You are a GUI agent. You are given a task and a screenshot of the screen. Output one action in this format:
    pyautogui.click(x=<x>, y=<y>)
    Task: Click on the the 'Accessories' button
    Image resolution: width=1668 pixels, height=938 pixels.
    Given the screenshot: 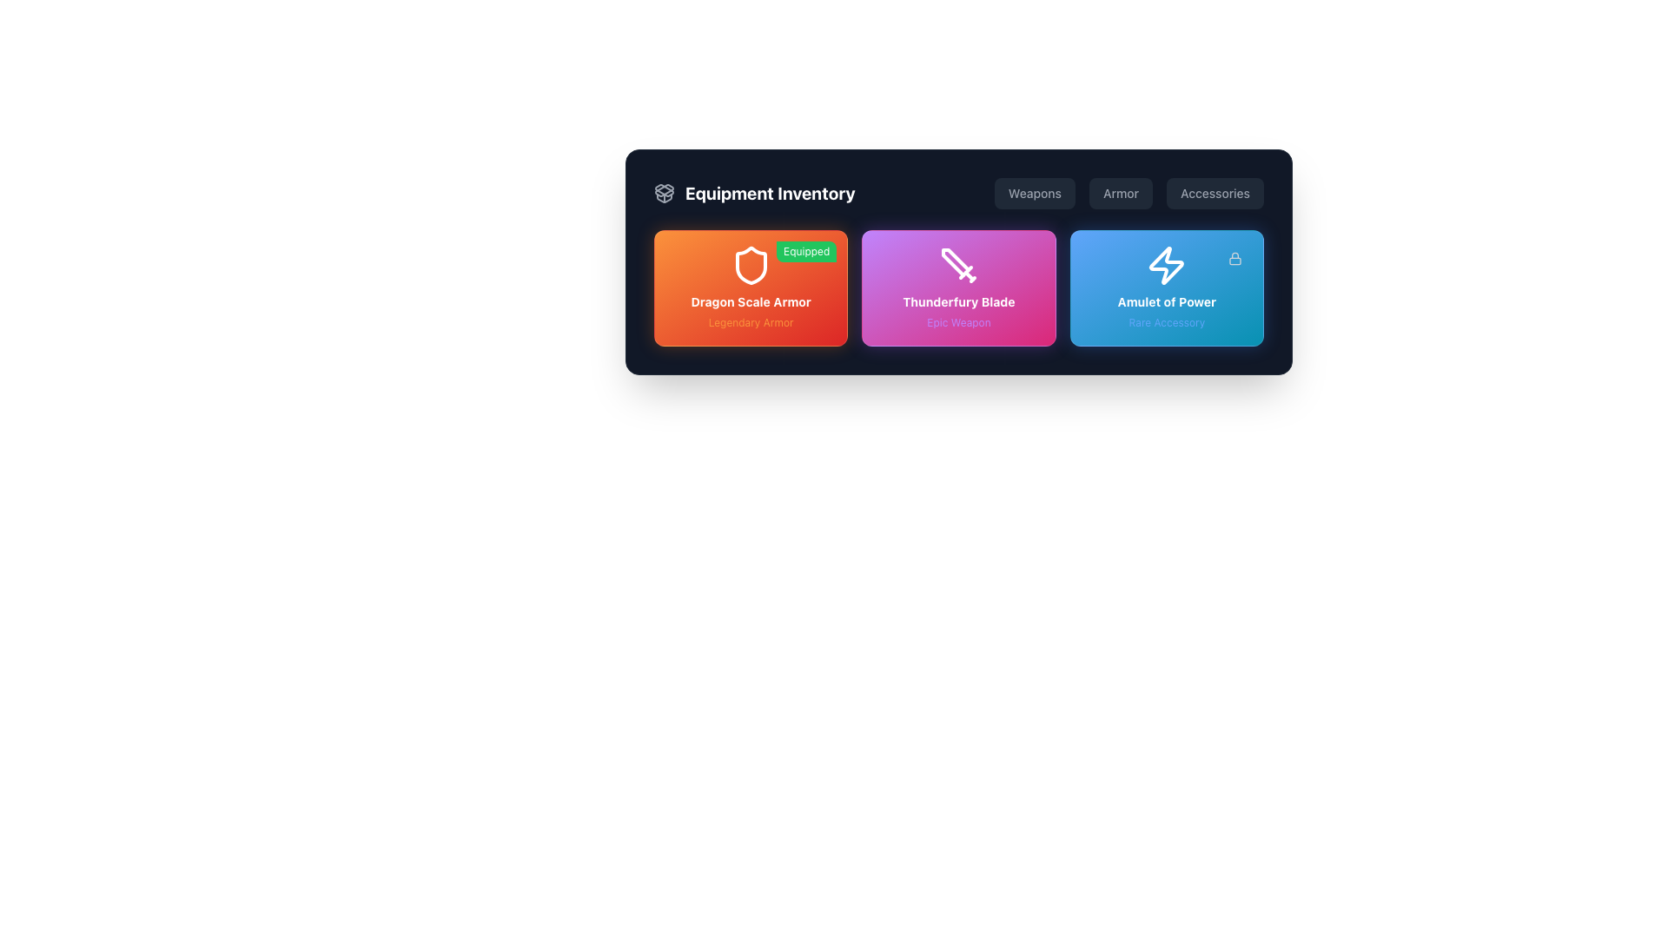 What is the action you would take?
    pyautogui.click(x=1215, y=194)
    